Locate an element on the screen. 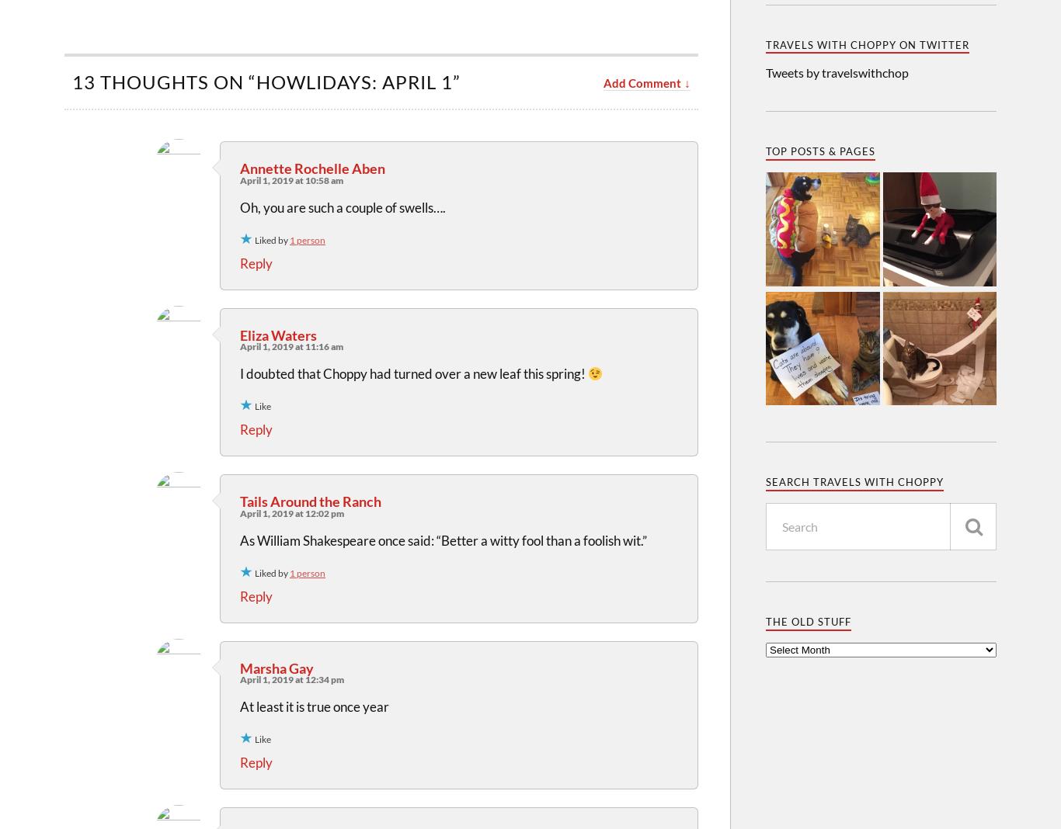  'Tweets by travelswithchop' is located at coordinates (837, 71).